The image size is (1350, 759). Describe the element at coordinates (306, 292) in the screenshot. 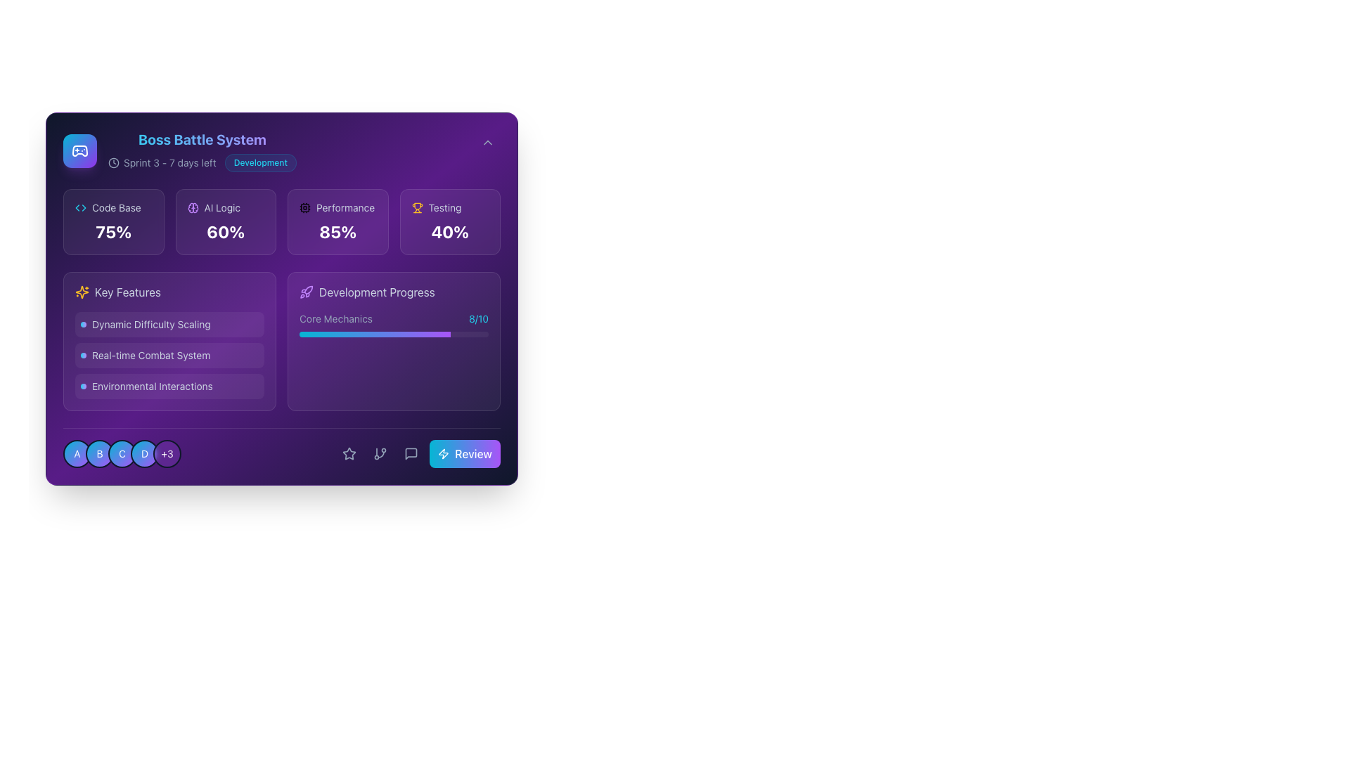

I see `the purple rocket-shaped icon located at the start of the 'Development Progress' text` at that location.